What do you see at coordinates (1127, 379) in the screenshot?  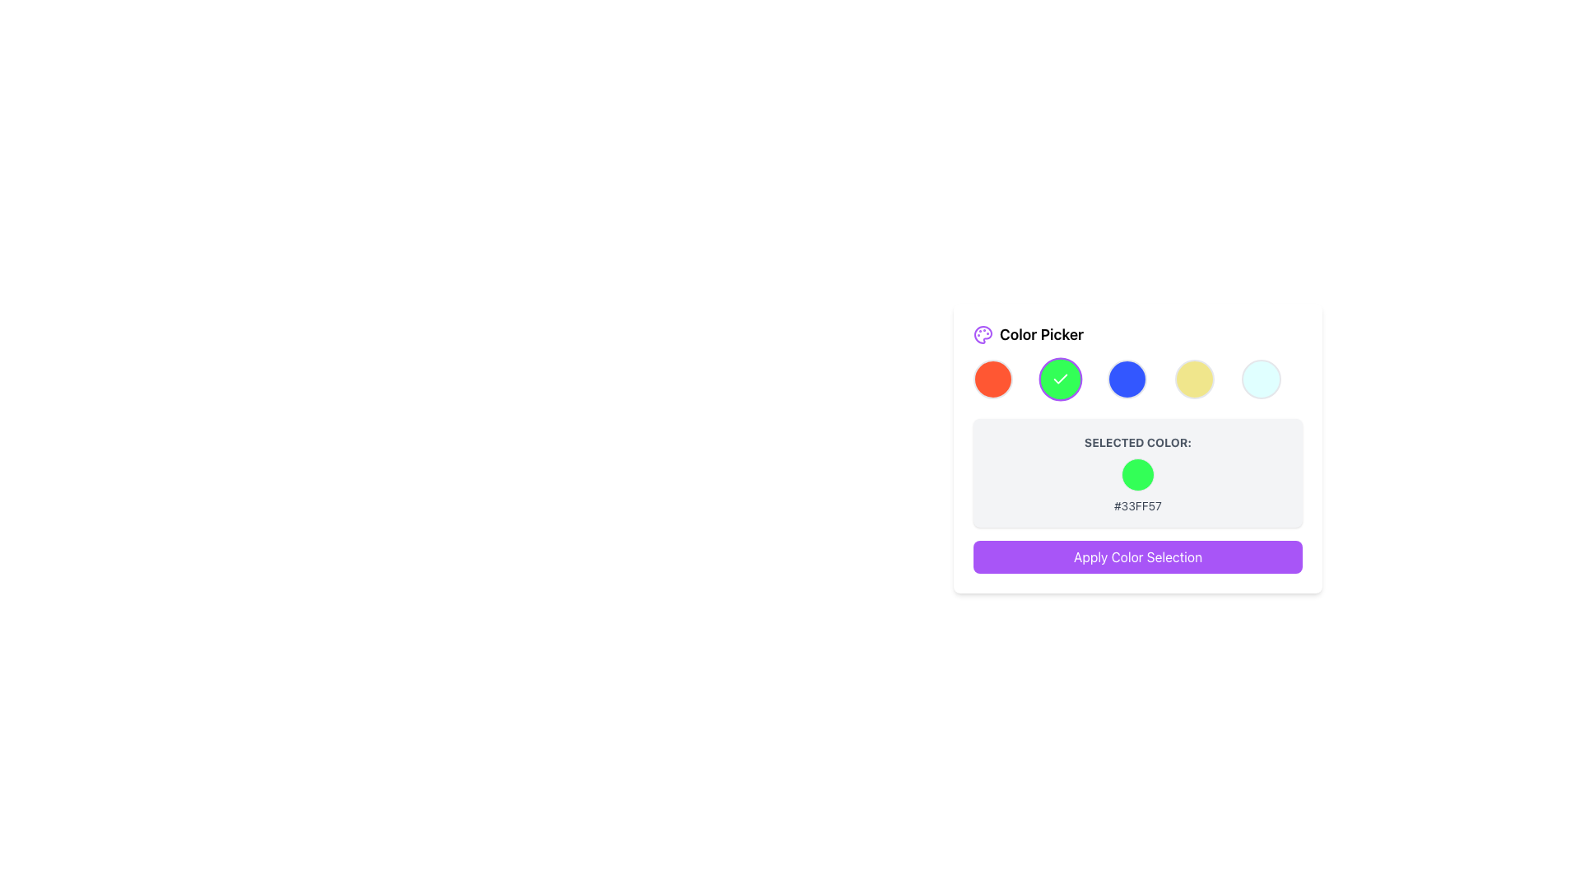 I see `the third color circle` at bounding box center [1127, 379].